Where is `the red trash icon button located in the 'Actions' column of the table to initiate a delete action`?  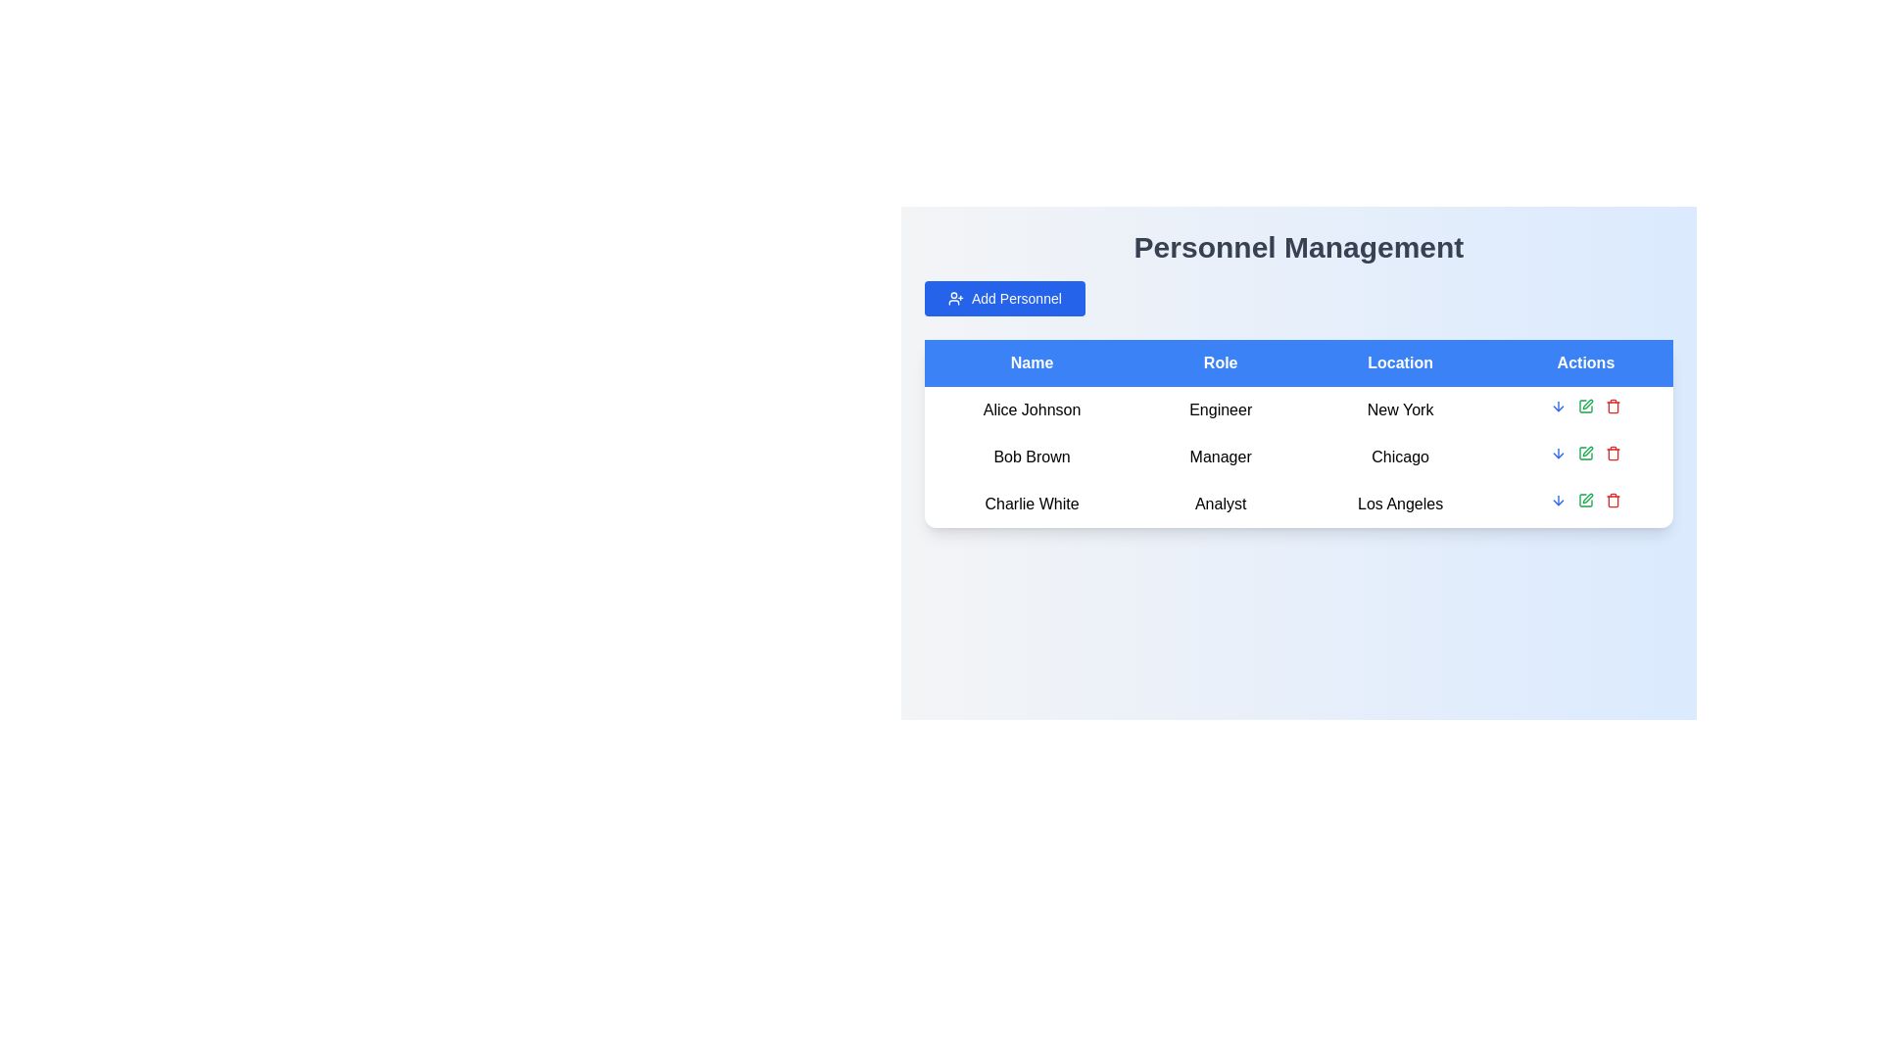 the red trash icon button located in the 'Actions' column of the table to initiate a delete action is located at coordinates (1613, 406).